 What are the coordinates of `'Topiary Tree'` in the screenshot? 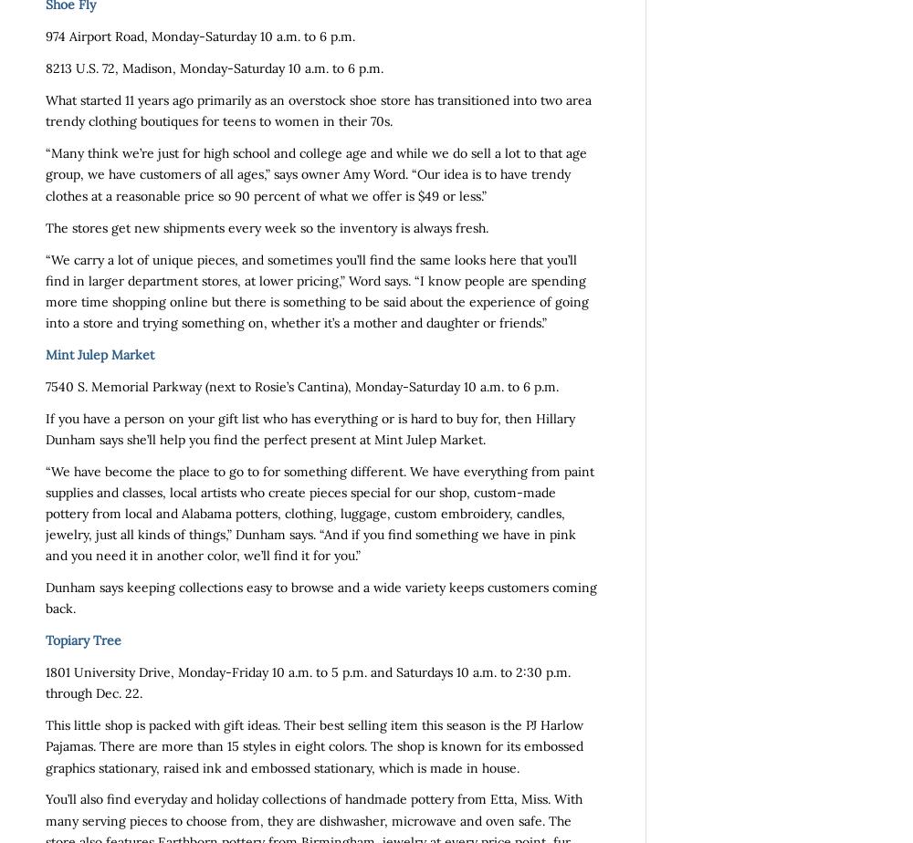 It's located at (84, 640).